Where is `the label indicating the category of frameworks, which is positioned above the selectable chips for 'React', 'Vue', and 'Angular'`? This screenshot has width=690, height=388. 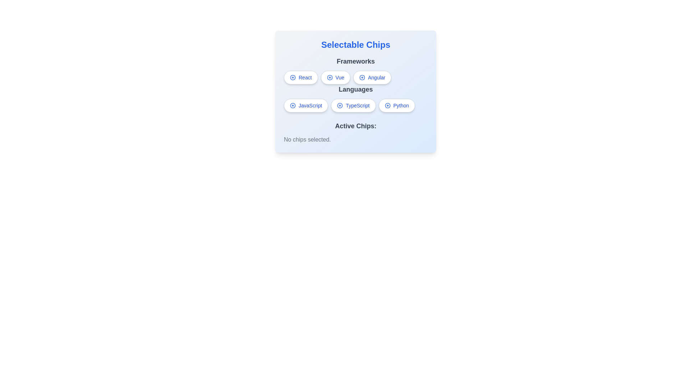
the label indicating the category of frameworks, which is positioned above the selectable chips for 'React', 'Vue', and 'Angular' is located at coordinates (355, 61).